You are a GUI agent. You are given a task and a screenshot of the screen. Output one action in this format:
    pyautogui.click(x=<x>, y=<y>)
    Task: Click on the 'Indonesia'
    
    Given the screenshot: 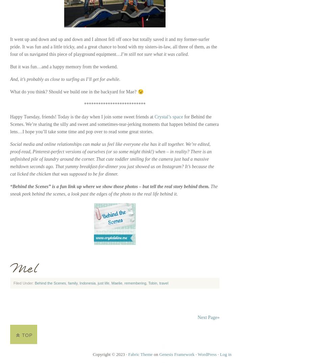 What is the action you would take?
    pyautogui.click(x=87, y=283)
    